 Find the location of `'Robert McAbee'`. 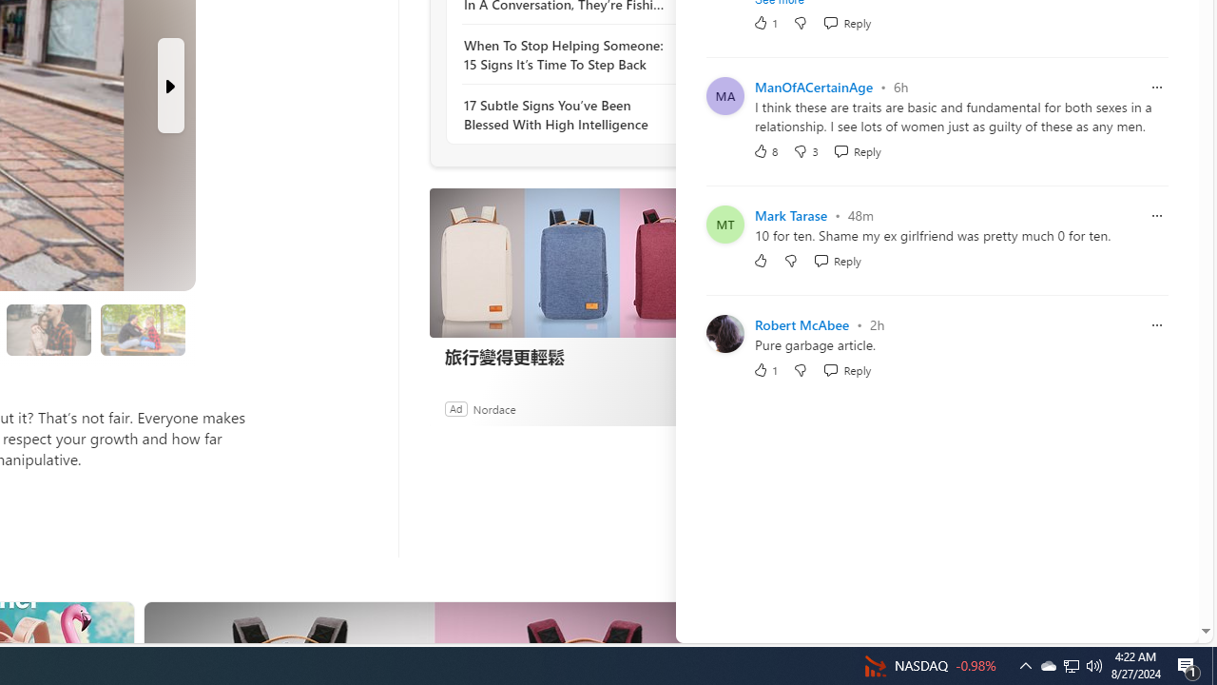

'Robert McAbee' is located at coordinates (802, 323).